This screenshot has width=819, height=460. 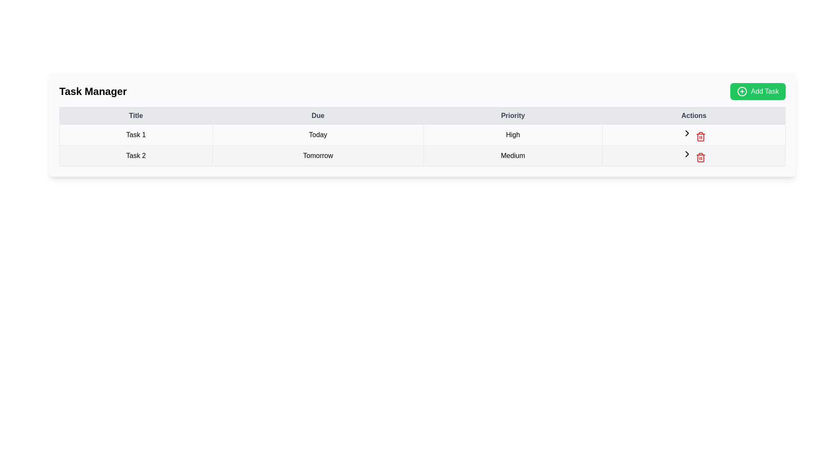 What do you see at coordinates (700, 136) in the screenshot?
I see `the red trash icon in the 'Actions' column of the table for 'Task 1', which is the second interactive icon in this row` at bounding box center [700, 136].